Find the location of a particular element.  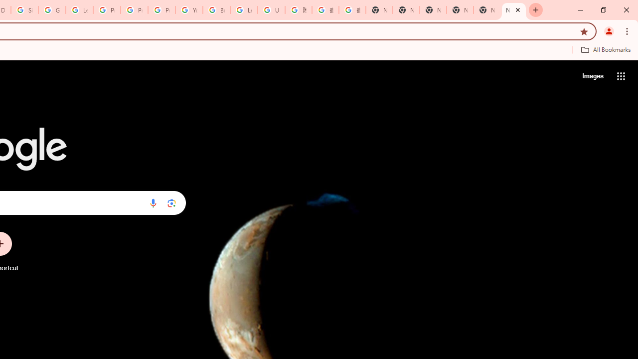

'New Tab' is located at coordinates (514, 10).